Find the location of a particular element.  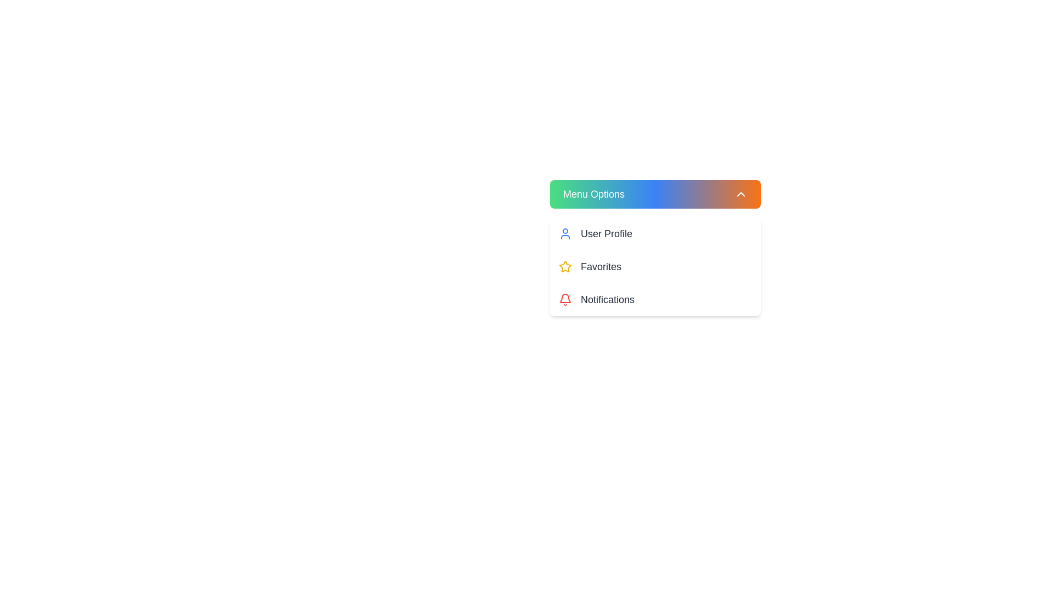

the bell-shaped icon located in the notification menu under the 'Notifications' label is located at coordinates (565, 298).